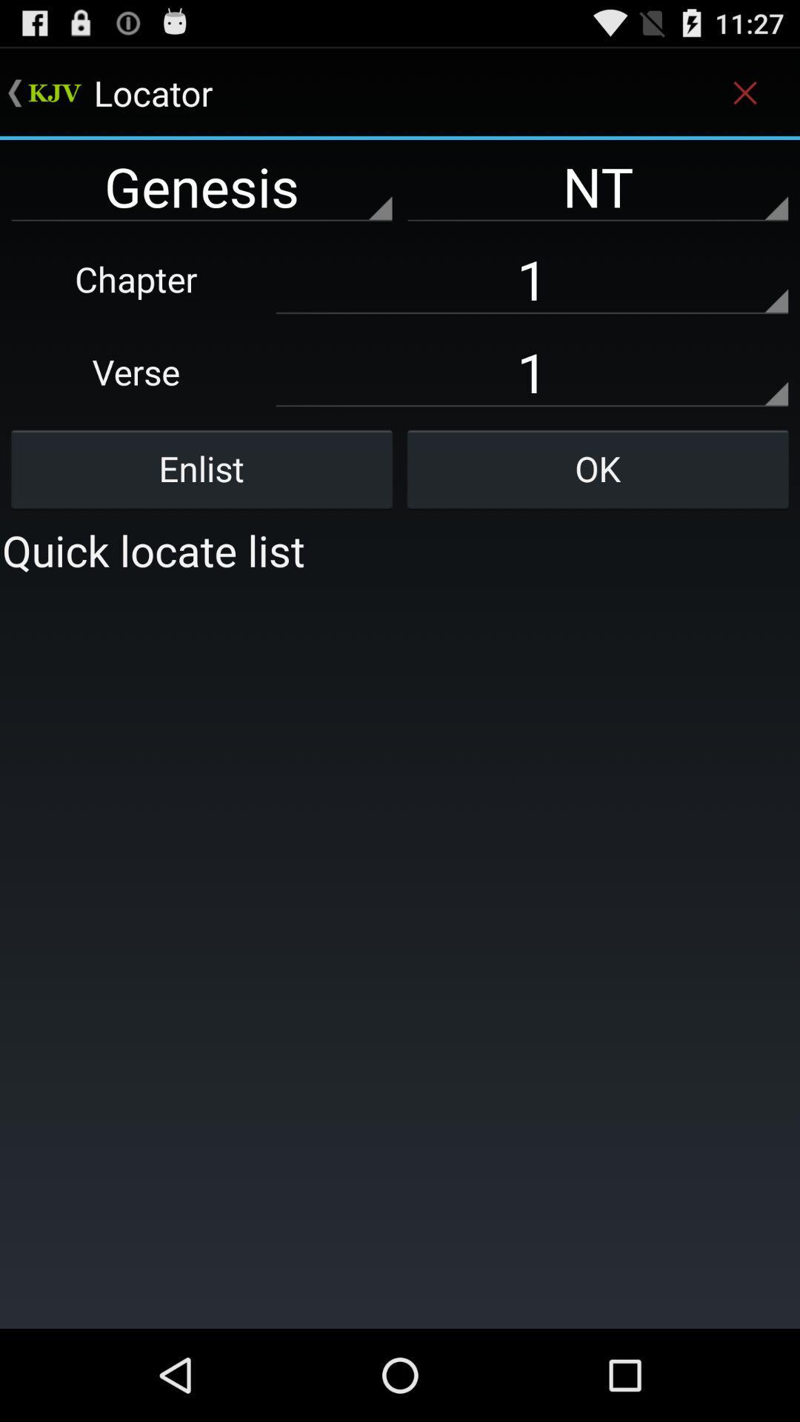 The width and height of the screenshot is (800, 1422). I want to click on the genesis  left to nt, so click(201, 185).